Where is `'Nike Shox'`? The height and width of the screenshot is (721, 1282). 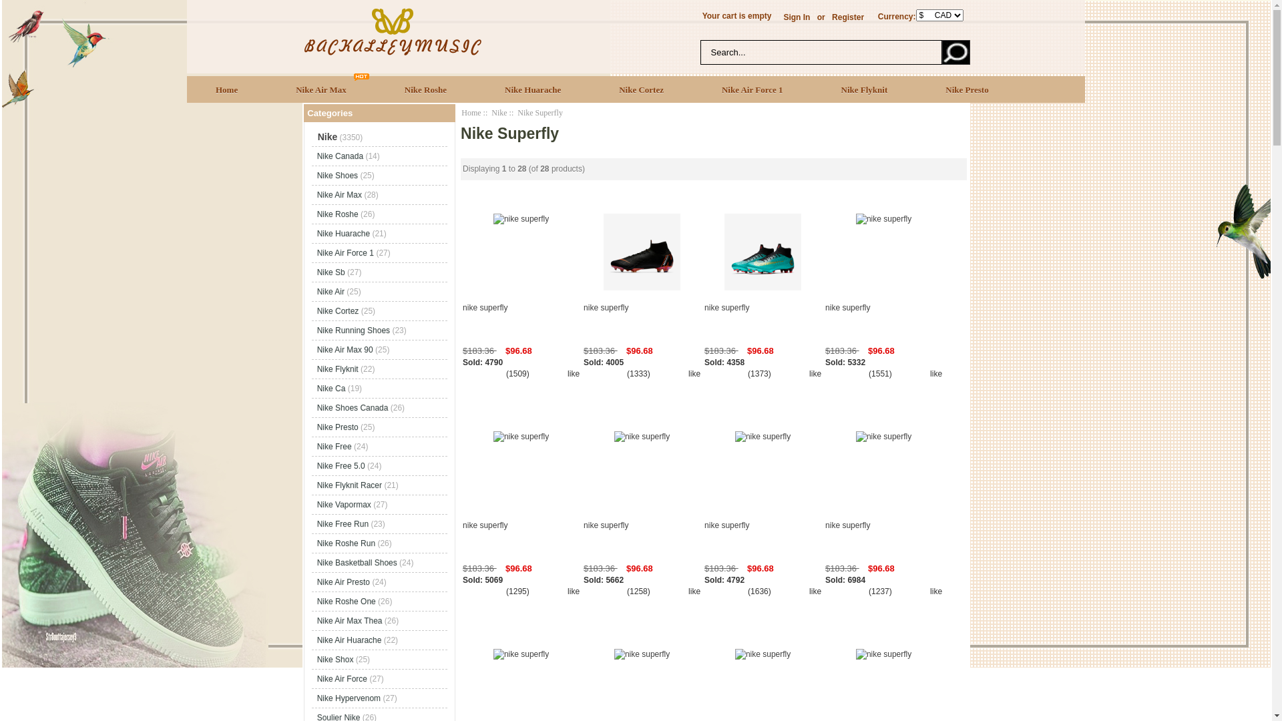 'Nike Shox' is located at coordinates (335, 658).